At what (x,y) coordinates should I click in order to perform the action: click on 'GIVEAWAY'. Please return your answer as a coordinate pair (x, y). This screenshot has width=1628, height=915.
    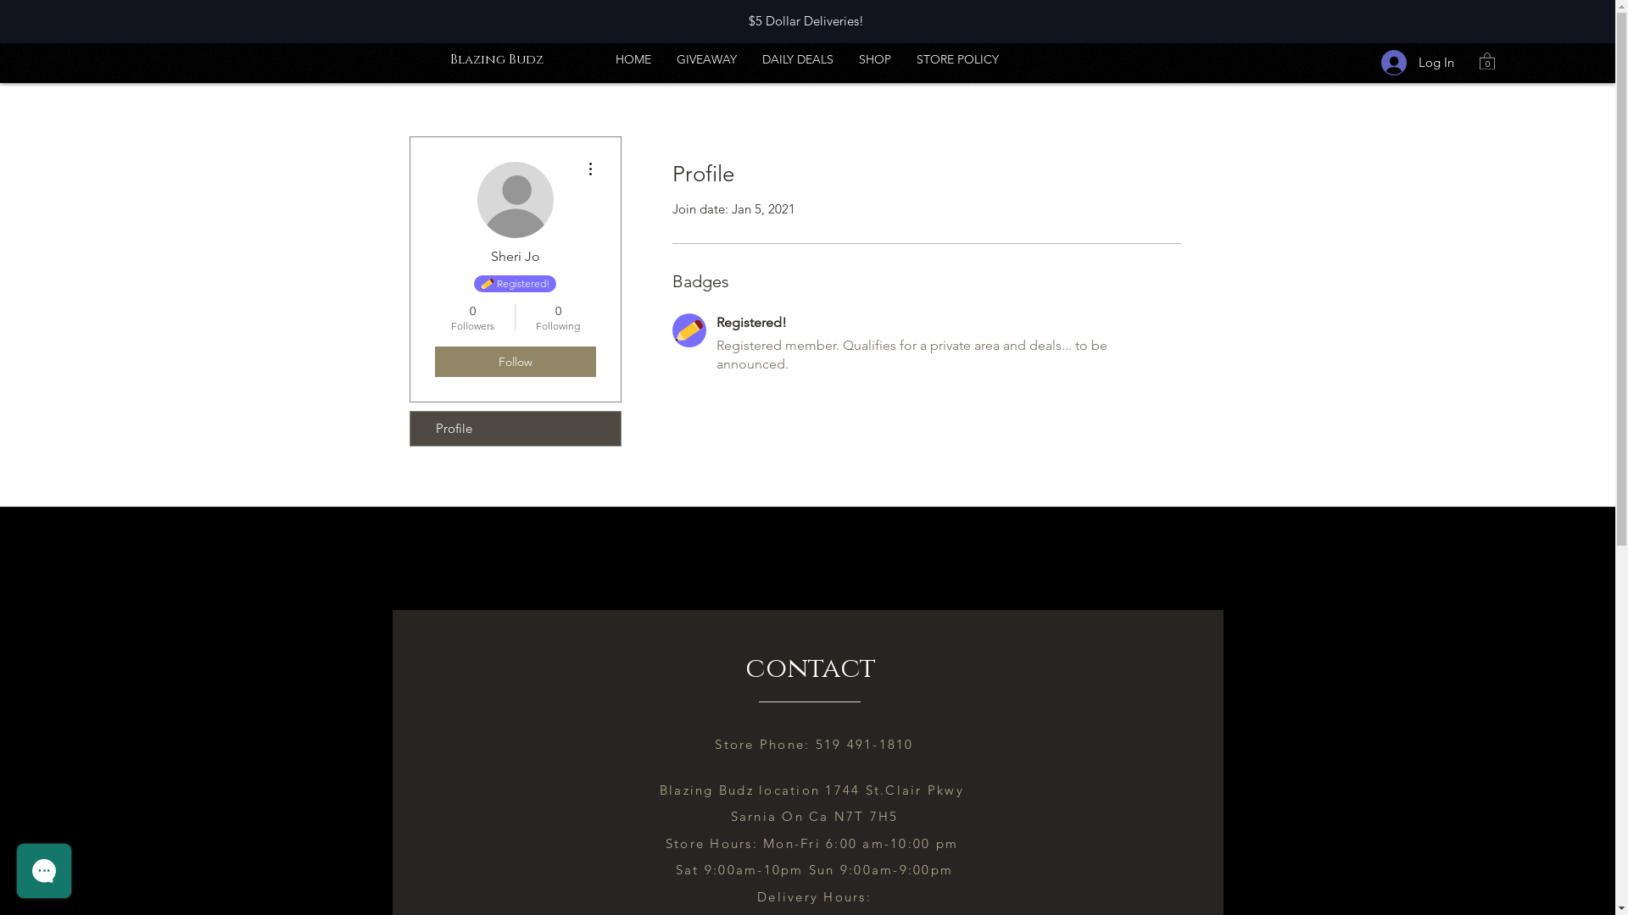
    Looking at the image, I should click on (706, 58).